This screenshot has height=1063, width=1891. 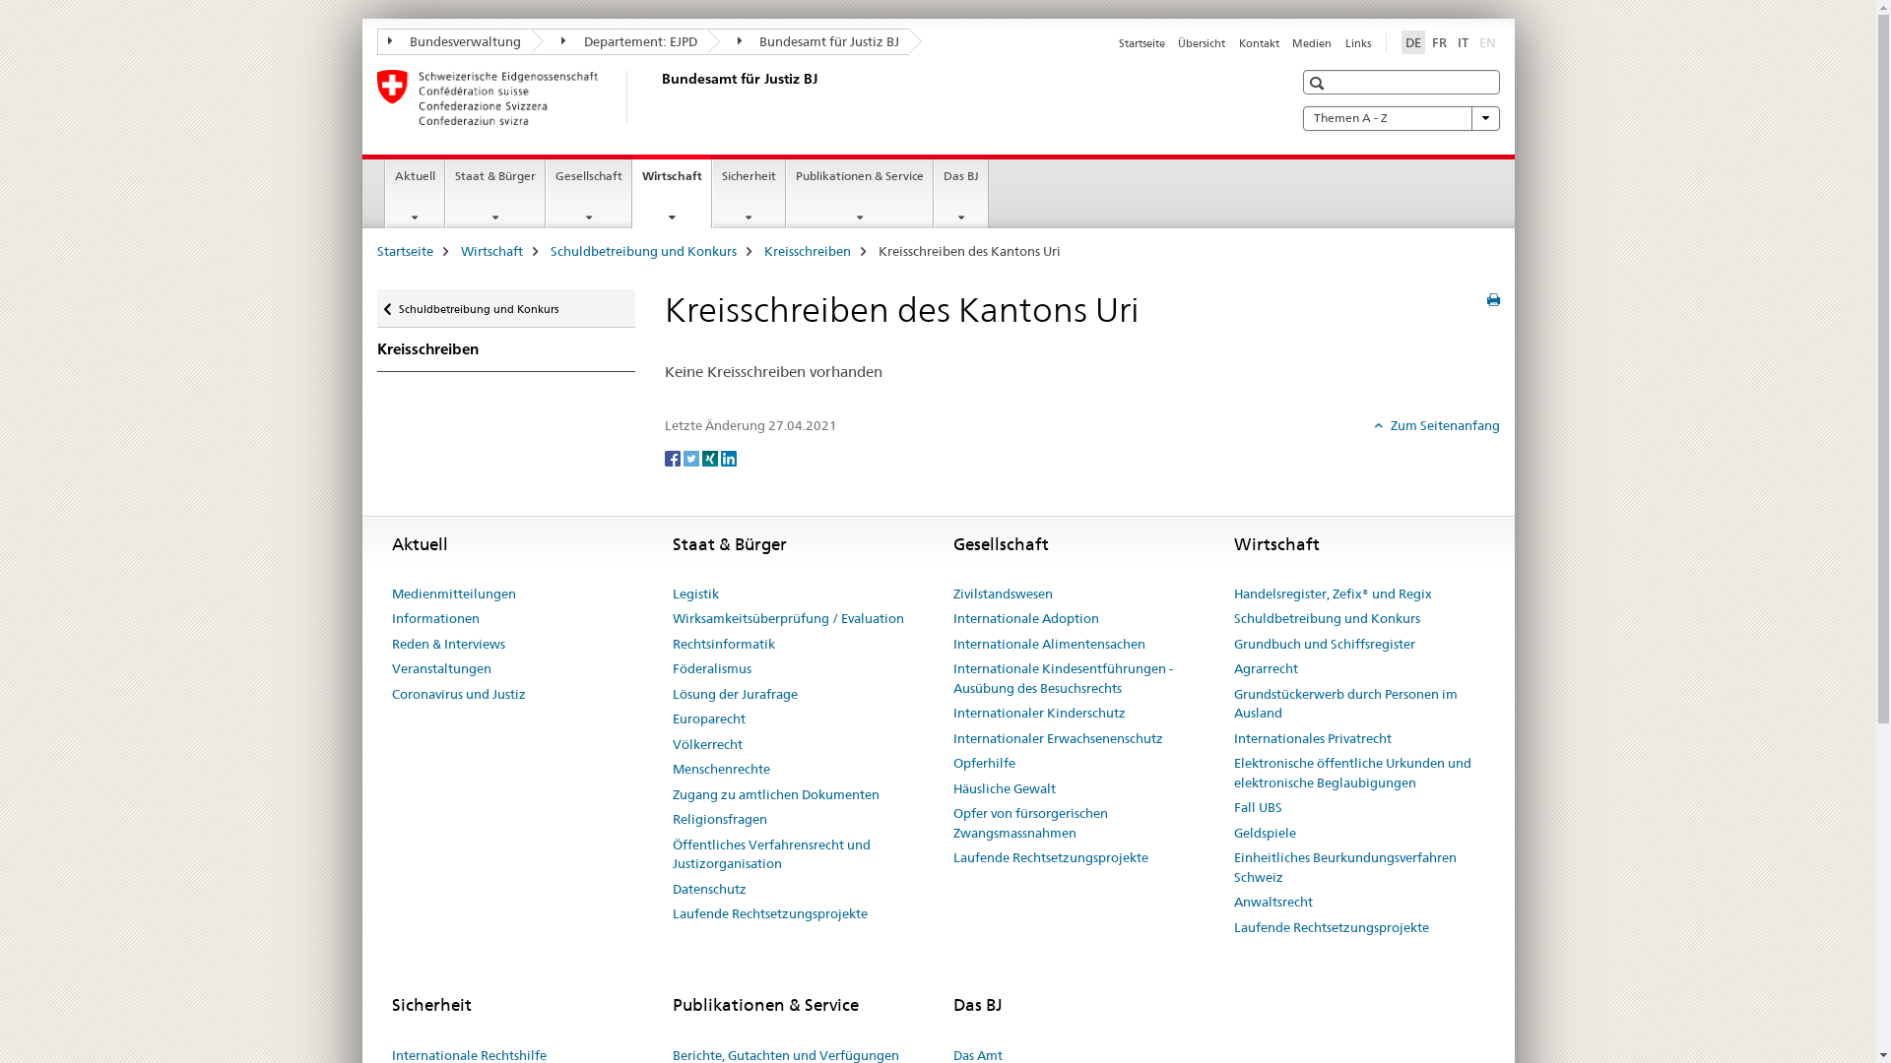 What do you see at coordinates (457, 693) in the screenshot?
I see `'Coronavirus und Justiz'` at bounding box center [457, 693].